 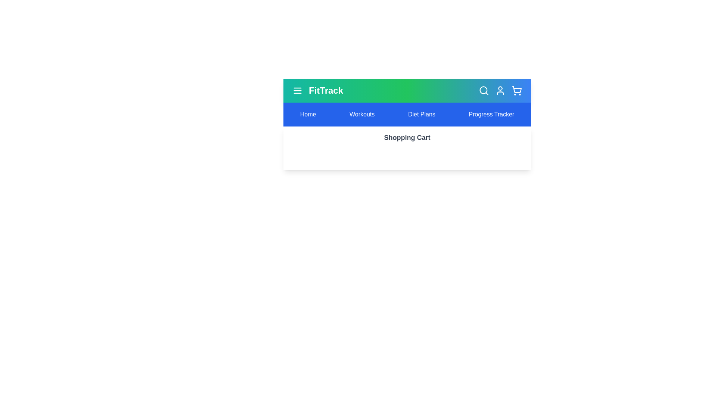 What do you see at coordinates (516, 90) in the screenshot?
I see `the shopping cart icon to toggle the shopping cart view` at bounding box center [516, 90].